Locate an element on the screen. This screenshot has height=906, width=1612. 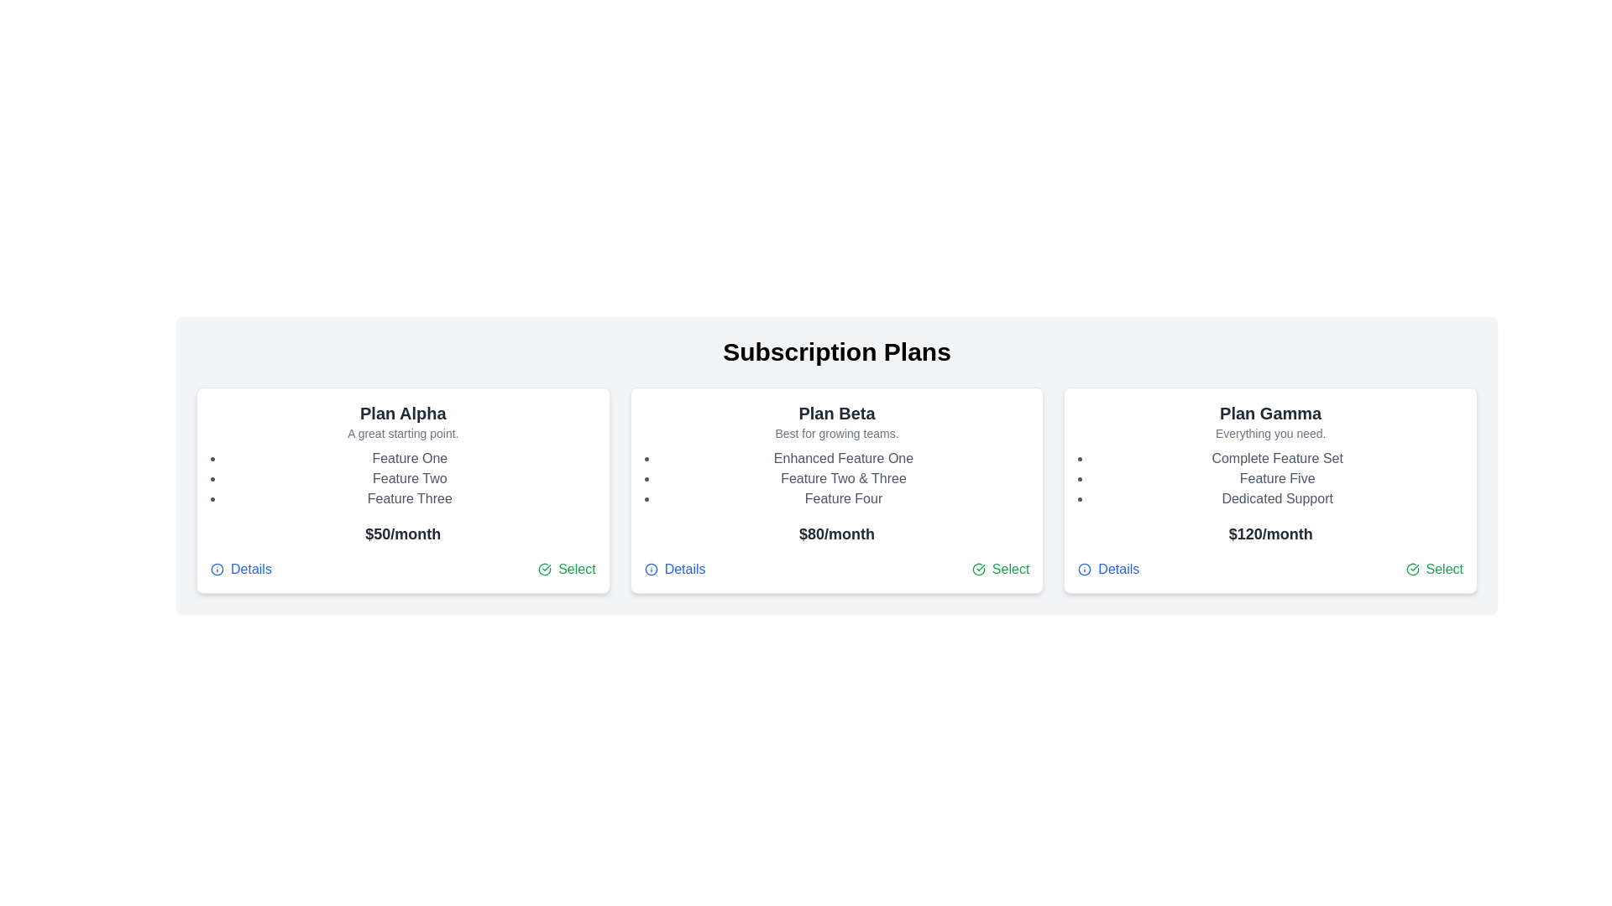
the third content block in the 'Plan Beta' card, located between the subtitle 'Best for growing teams.' and the price tag '$80/month.' is located at coordinates (843, 478).